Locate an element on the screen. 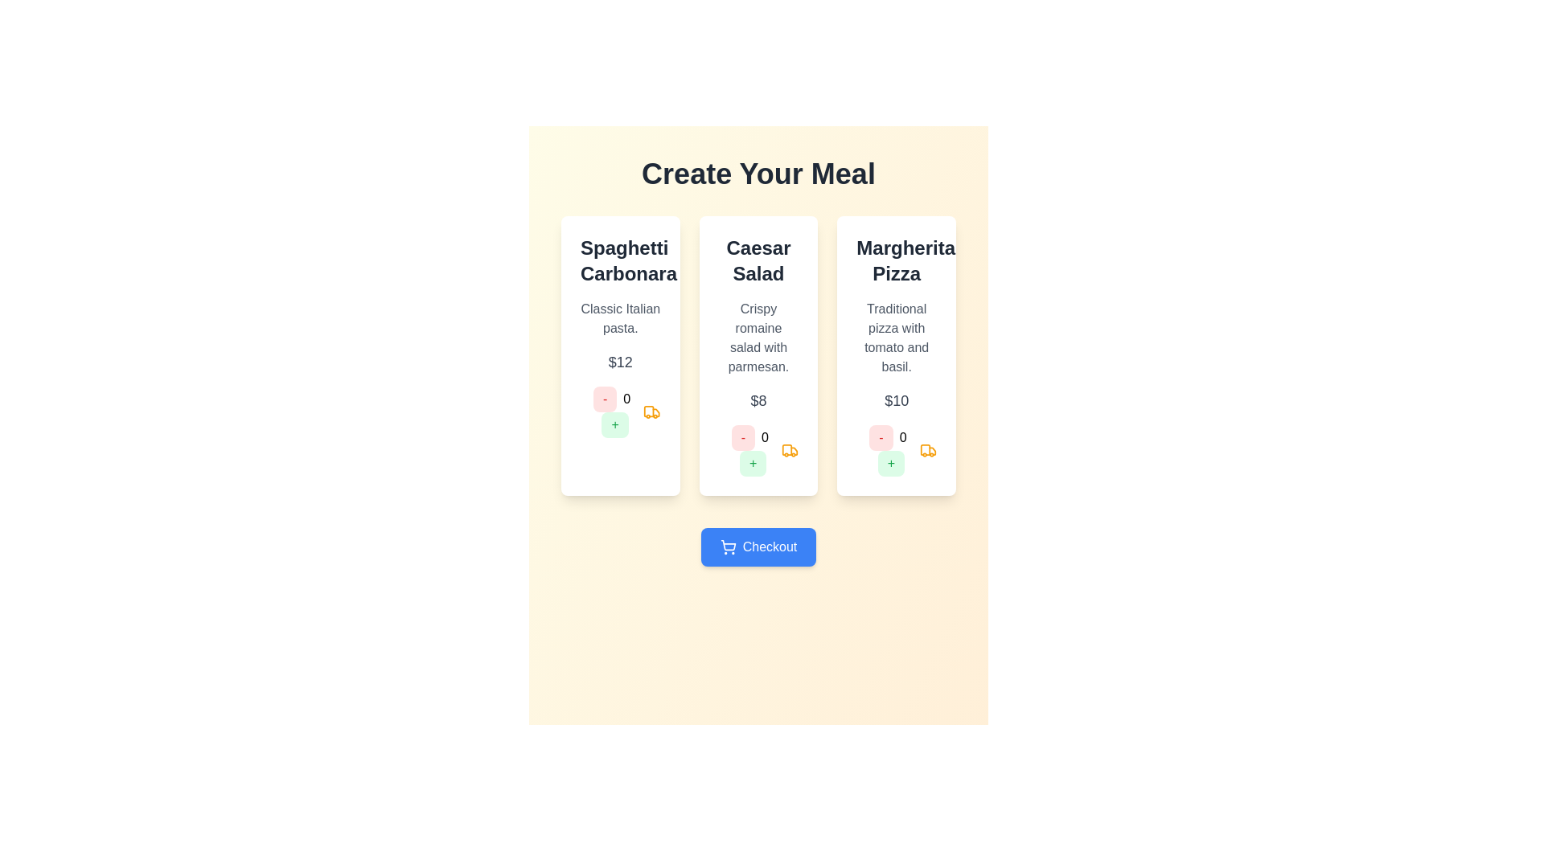  the increment button located within the Caesar Salad card, positioned directly below the numeric counter ('0') to increase the count is located at coordinates (752, 464).